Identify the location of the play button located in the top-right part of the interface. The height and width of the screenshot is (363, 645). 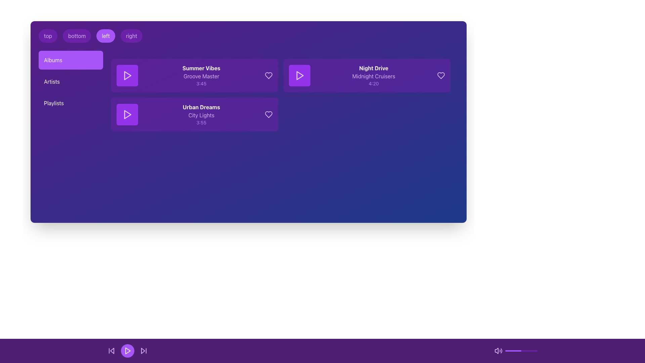
(299, 75).